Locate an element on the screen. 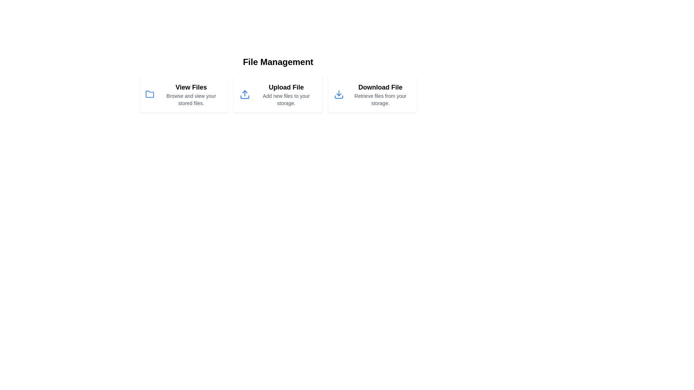  the download icon located to the left of the 'Download File' title in the 'File Management' section is located at coordinates (338, 94).